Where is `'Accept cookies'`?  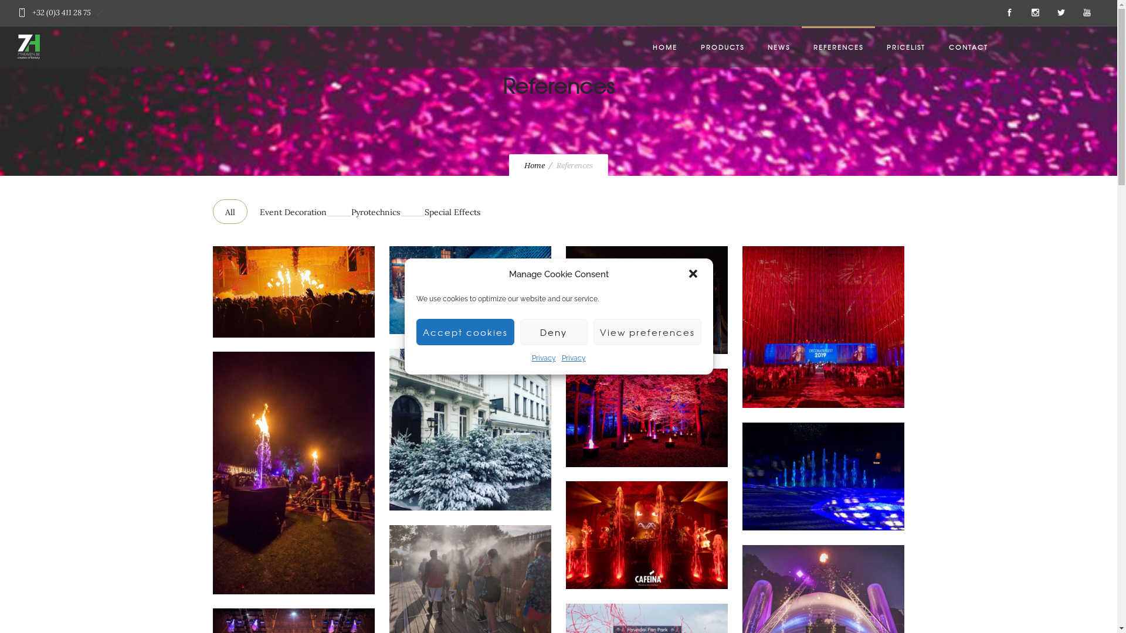
'Accept cookies' is located at coordinates (464, 332).